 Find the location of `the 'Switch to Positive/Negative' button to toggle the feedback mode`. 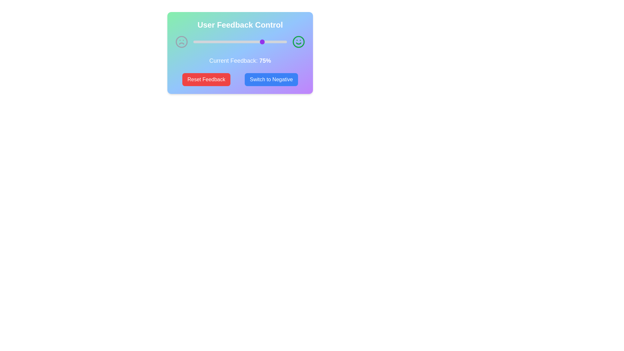

the 'Switch to Positive/Negative' button to toggle the feedback mode is located at coordinates (271, 79).